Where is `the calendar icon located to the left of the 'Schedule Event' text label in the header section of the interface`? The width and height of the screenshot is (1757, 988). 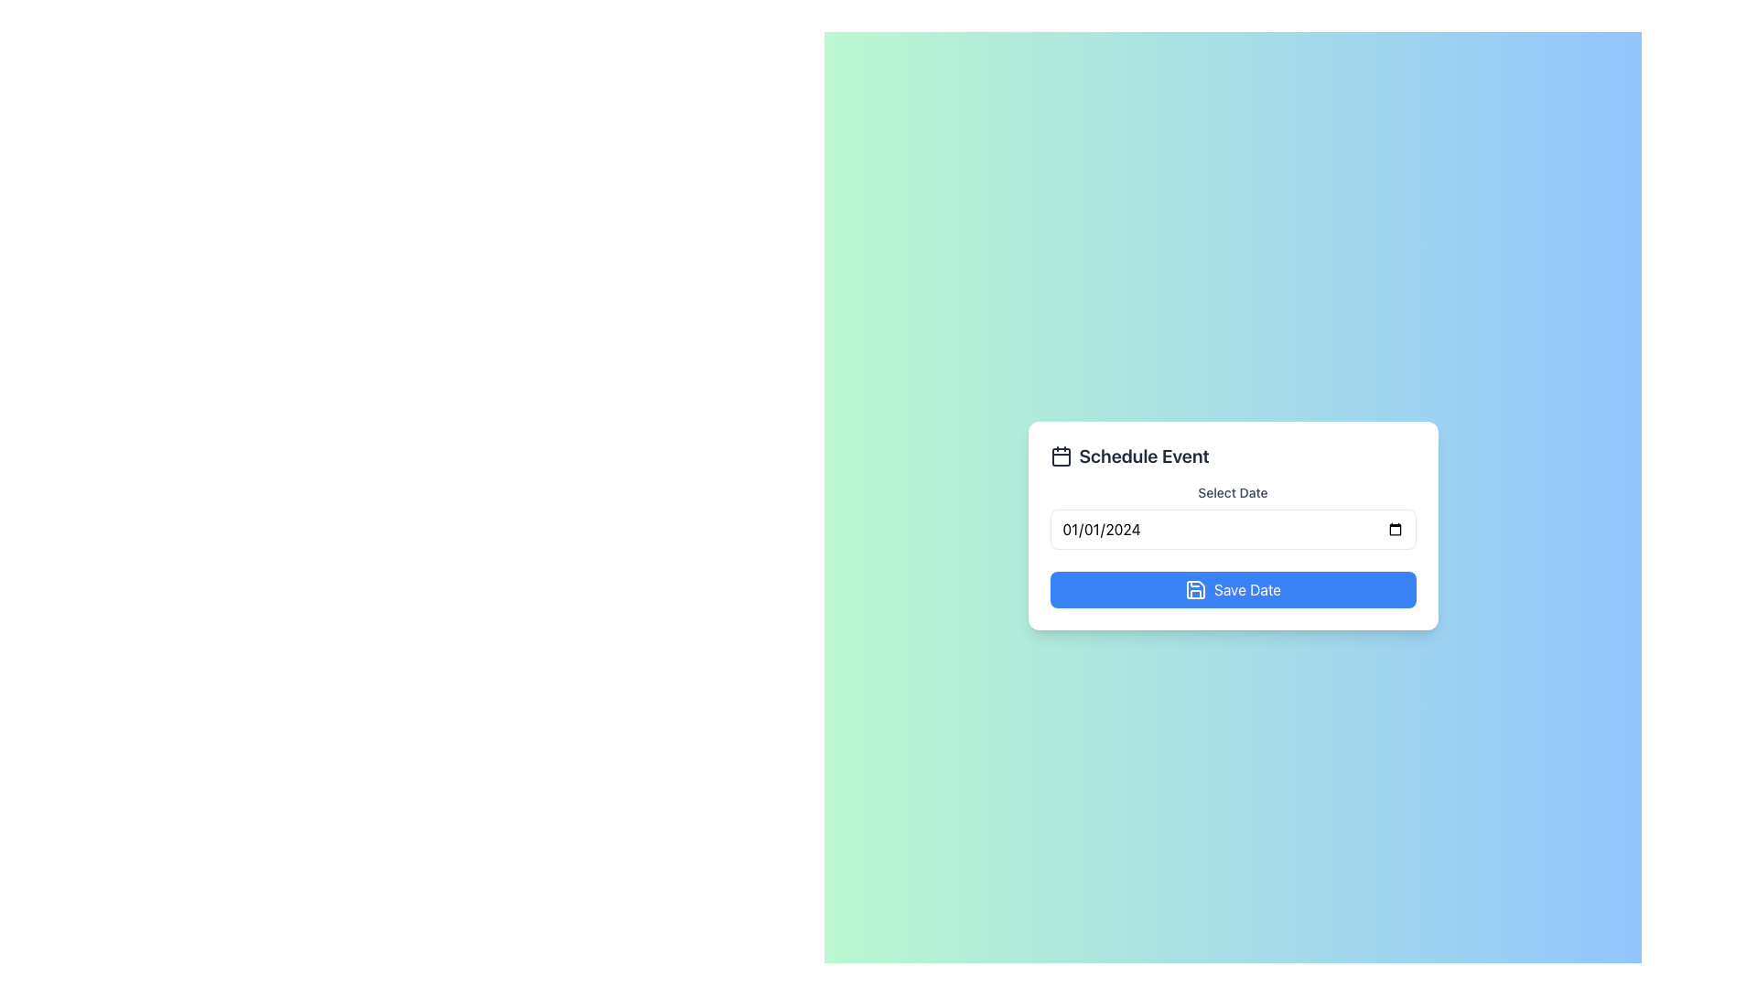
the calendar icon located to the left of the 'Schedule Event' text label in the header section of the interface is located at coordinates (1061, 455).